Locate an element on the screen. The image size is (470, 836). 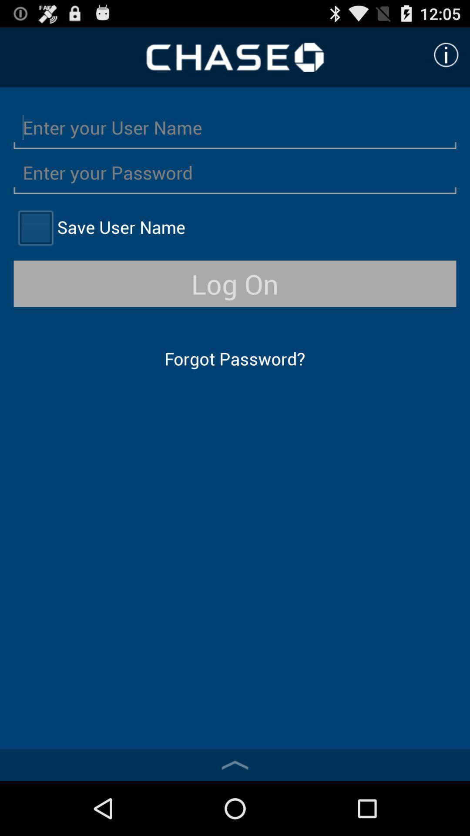
item next to the save user name item is located at coordinates (35, 227).